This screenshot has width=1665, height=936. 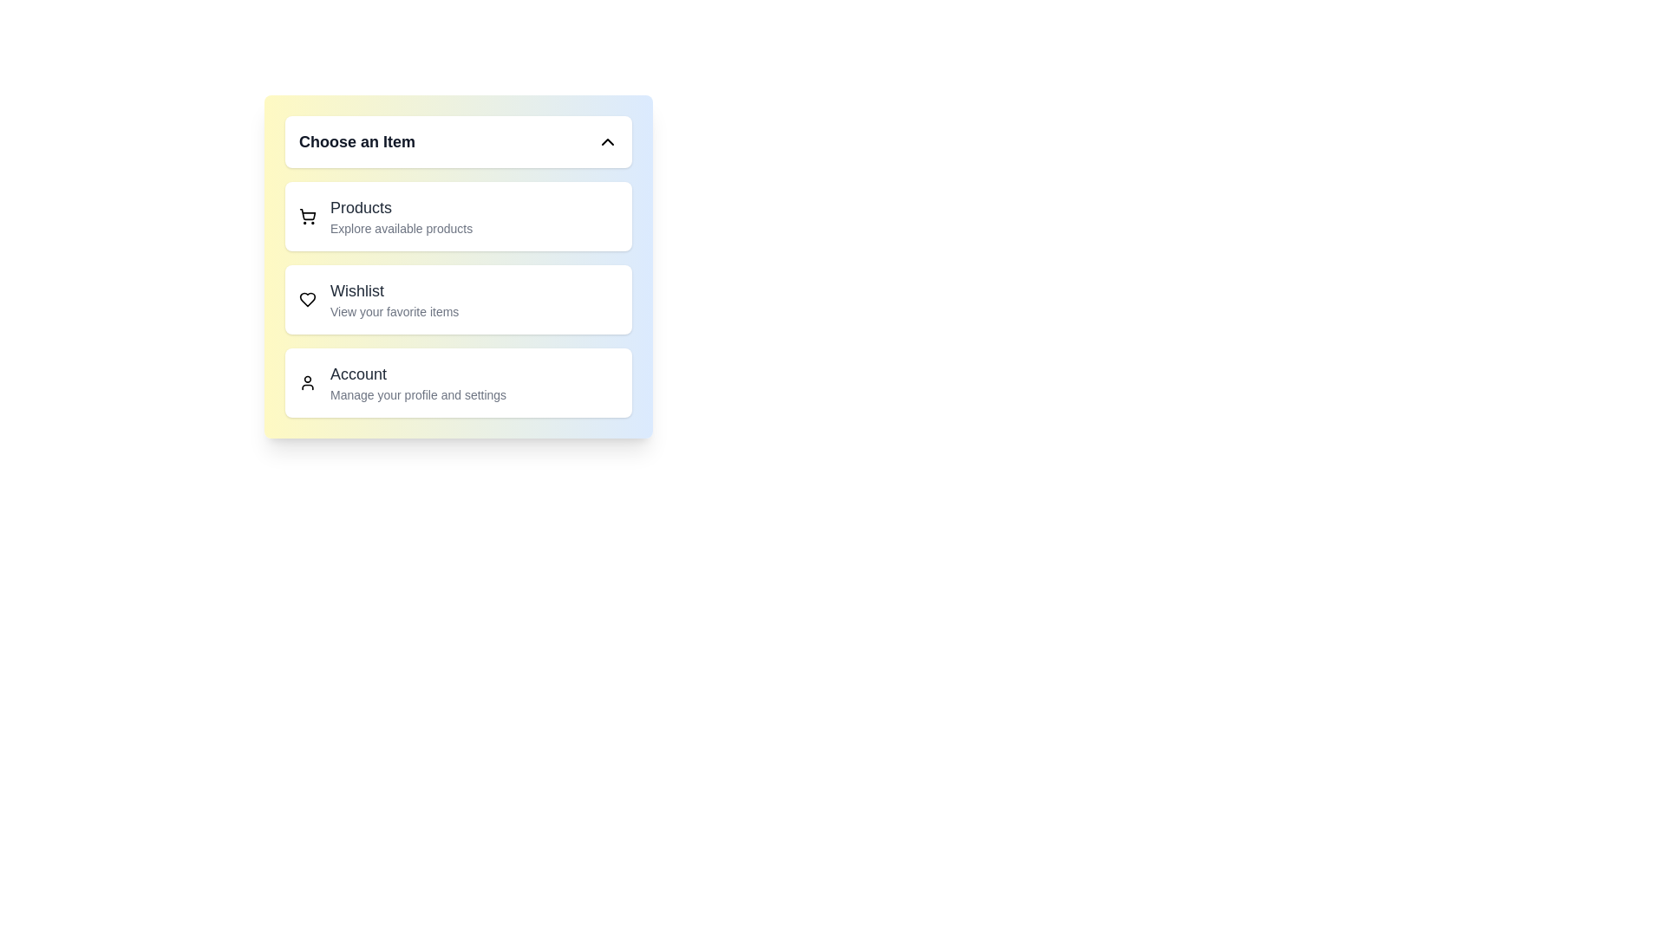 What do you see at coordinates (458, 299) in the screenshot?
I see `the menu option Wishlist to select it` at bounding box center [458, 299].